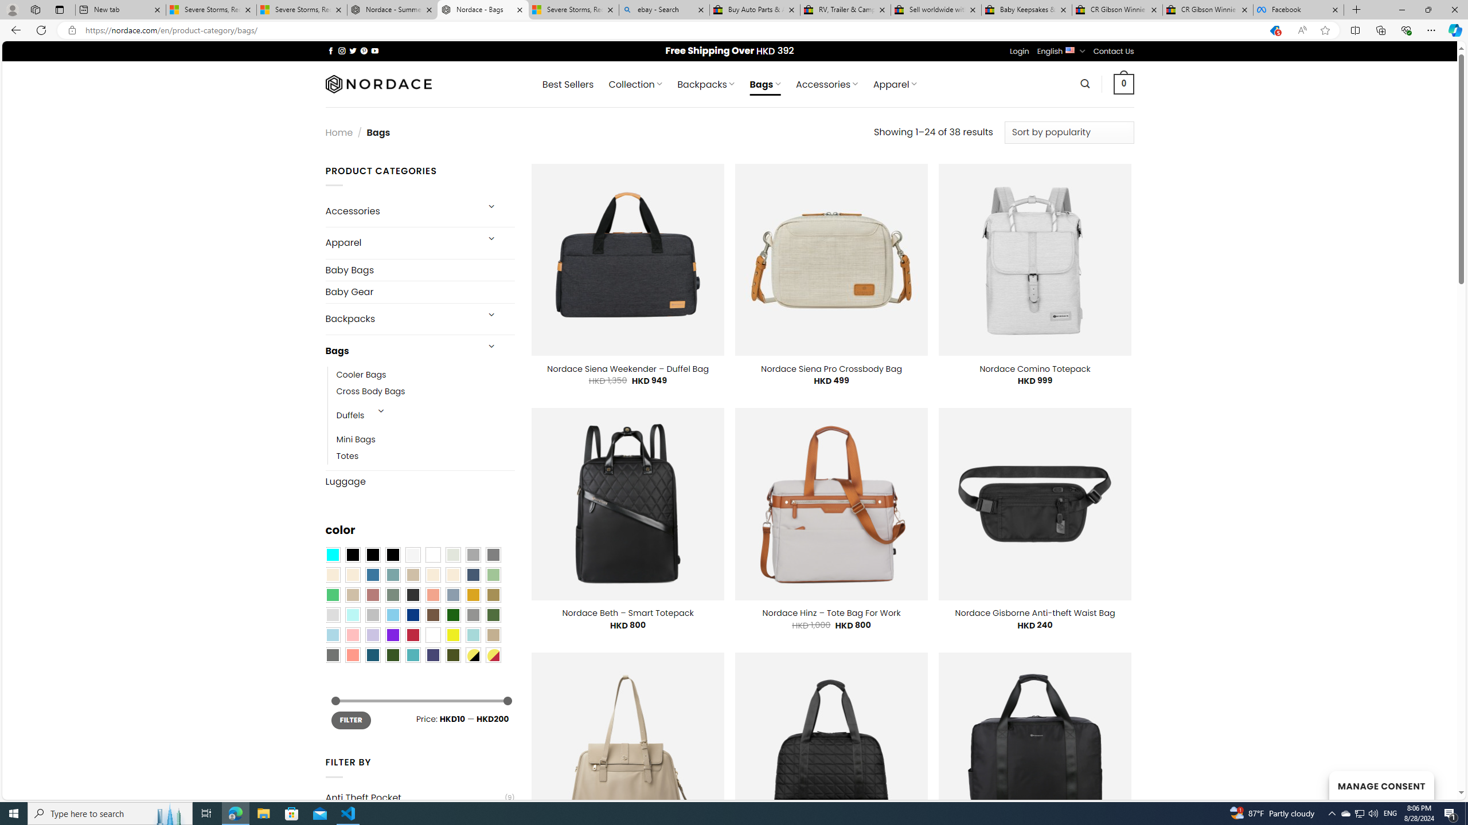  What do you see at coordinates (472, 634) in the screenshot?
I see `'Aqua'` at bounding box center [472, 634].